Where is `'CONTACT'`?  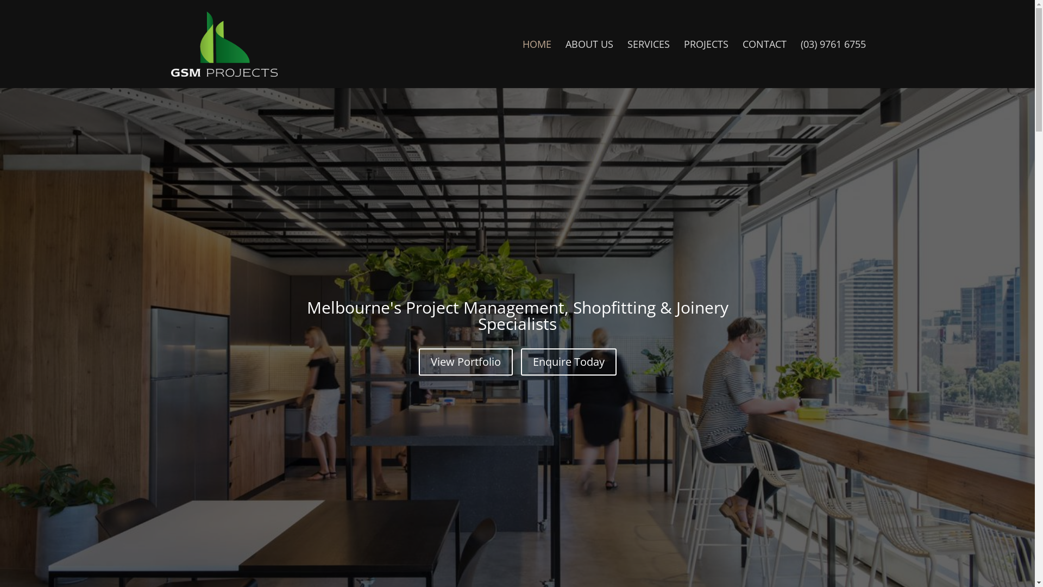
'CONTACT' is located at coordinates (764, 64).